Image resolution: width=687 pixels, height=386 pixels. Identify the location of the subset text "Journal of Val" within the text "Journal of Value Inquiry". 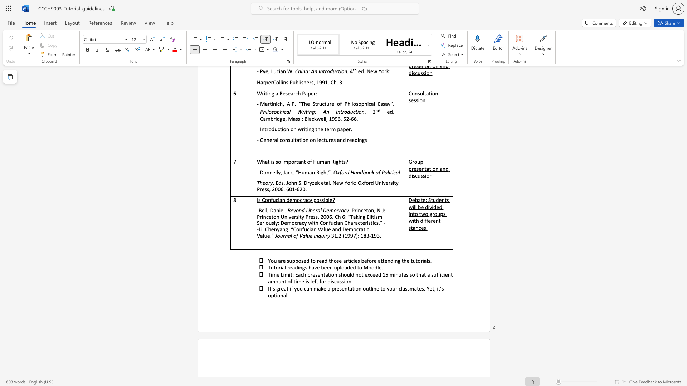
(275, 236).